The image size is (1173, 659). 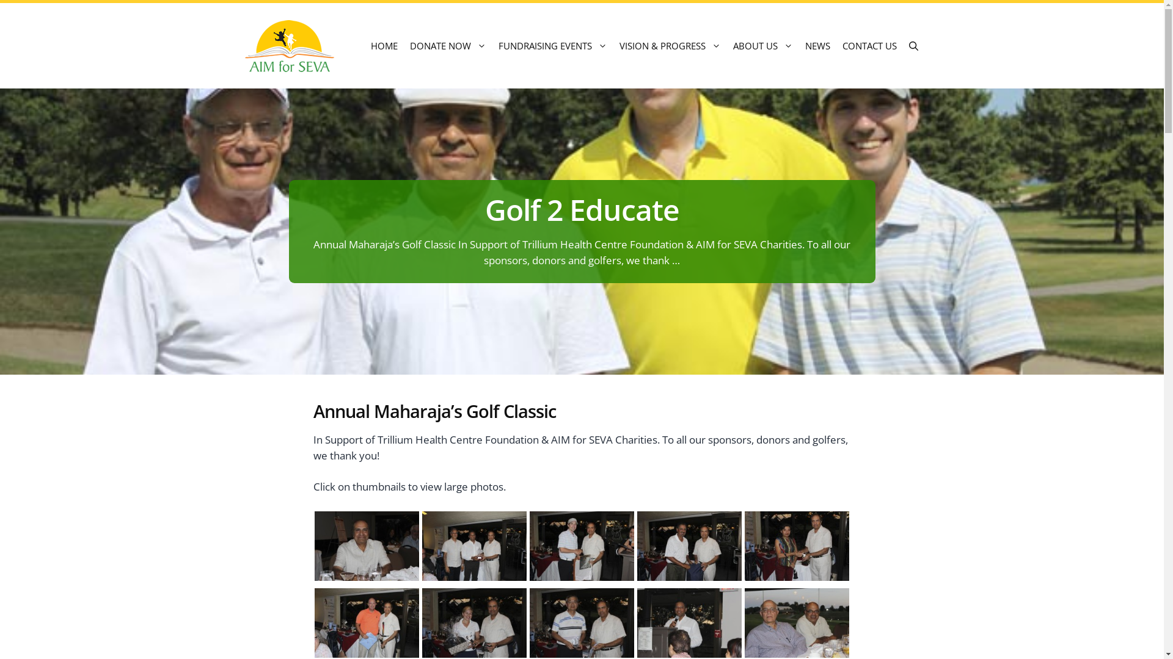 I want to click on 'CONTACT US', so click(x=868, y=45).